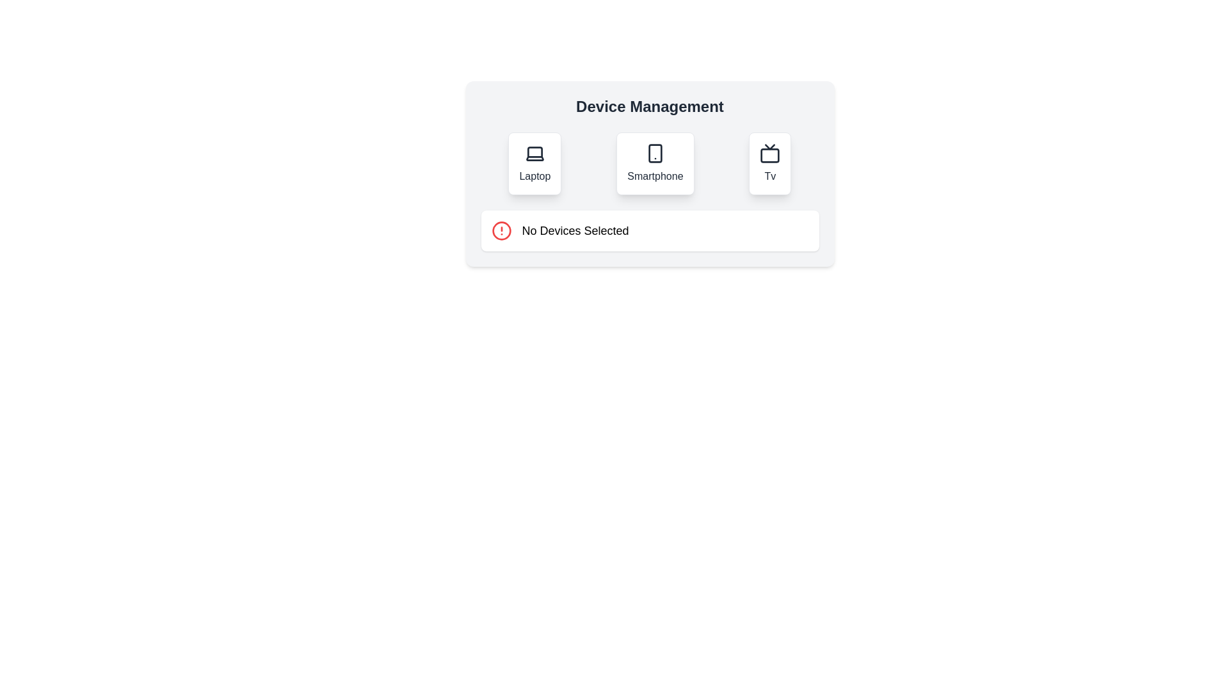  I want to click on the static text label that indicates no devices have been selected, located to the right of an alert icon, so click(575, 231).